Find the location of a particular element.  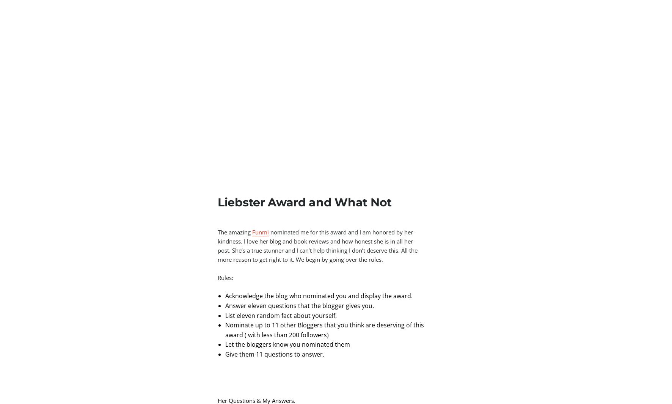

'nominated me for this award and I am honored by her kindness. I love her blog and book reviews and how honest she is in all her post. She’s a true stunner and I can’t help thinking I don’t deserve this. All the more reason to get right to it. We begin by going over the rules.' is located at coordinates (317, 246).